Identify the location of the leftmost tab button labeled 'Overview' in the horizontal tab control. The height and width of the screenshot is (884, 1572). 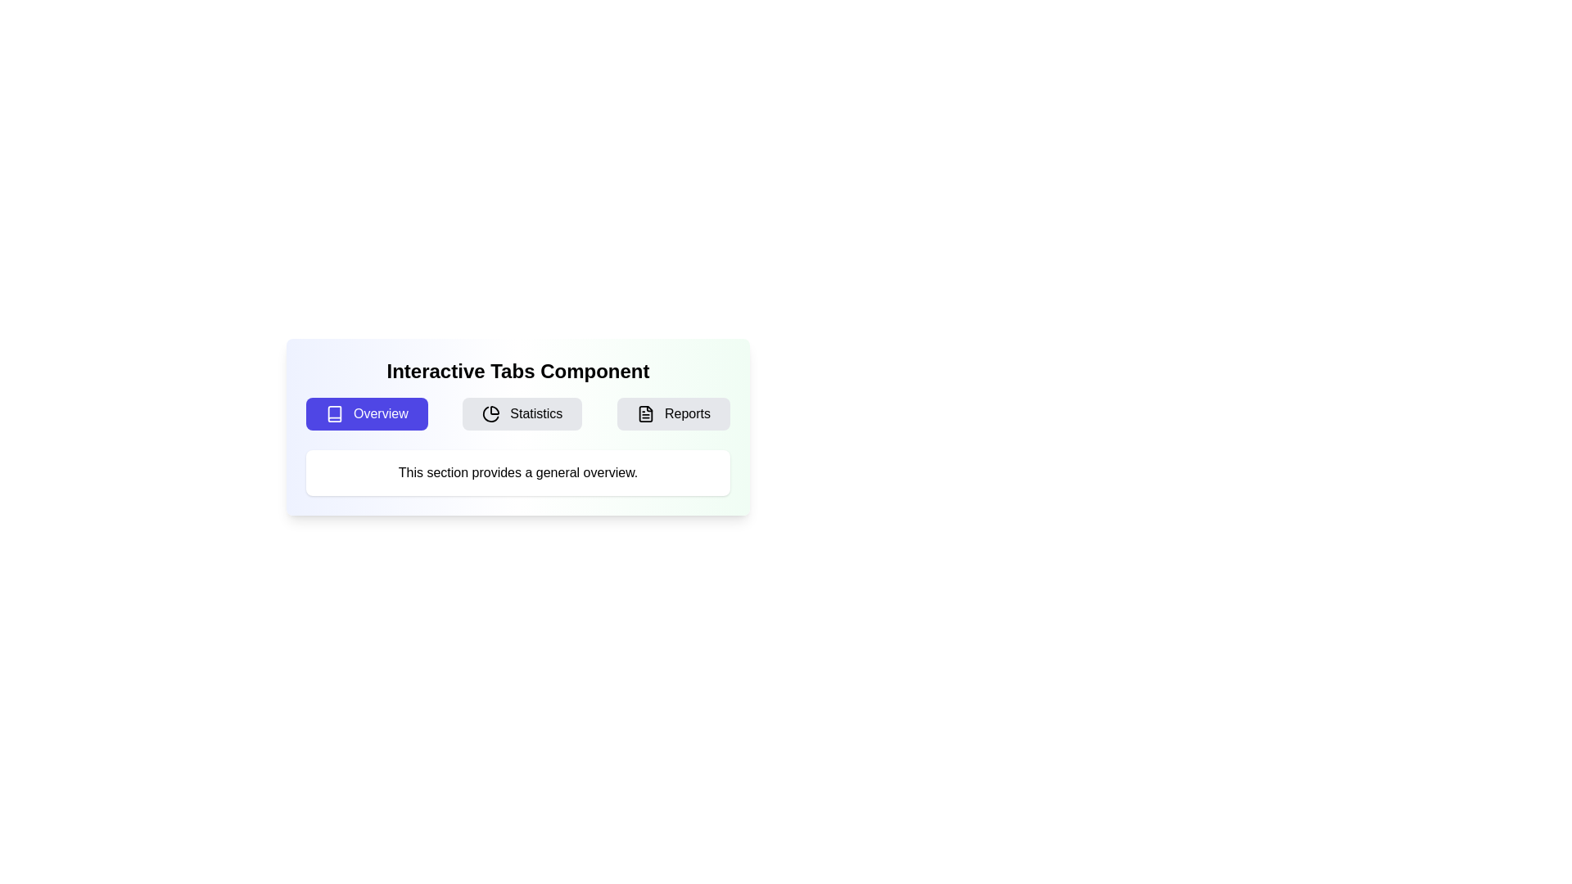
(366, 413).